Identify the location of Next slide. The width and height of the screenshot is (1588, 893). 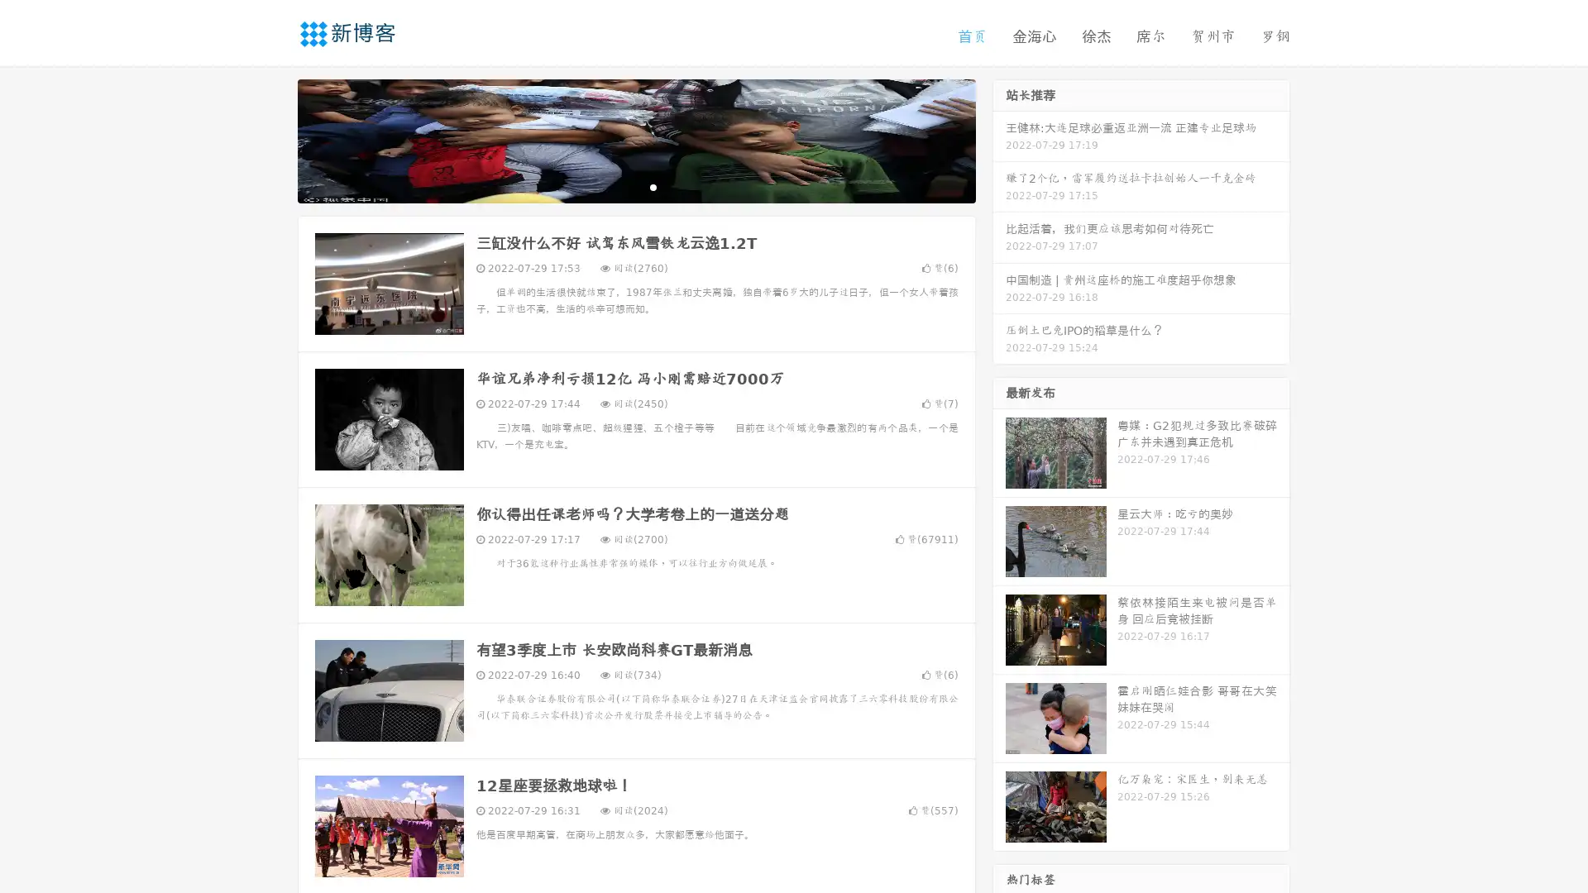
(999, 139).